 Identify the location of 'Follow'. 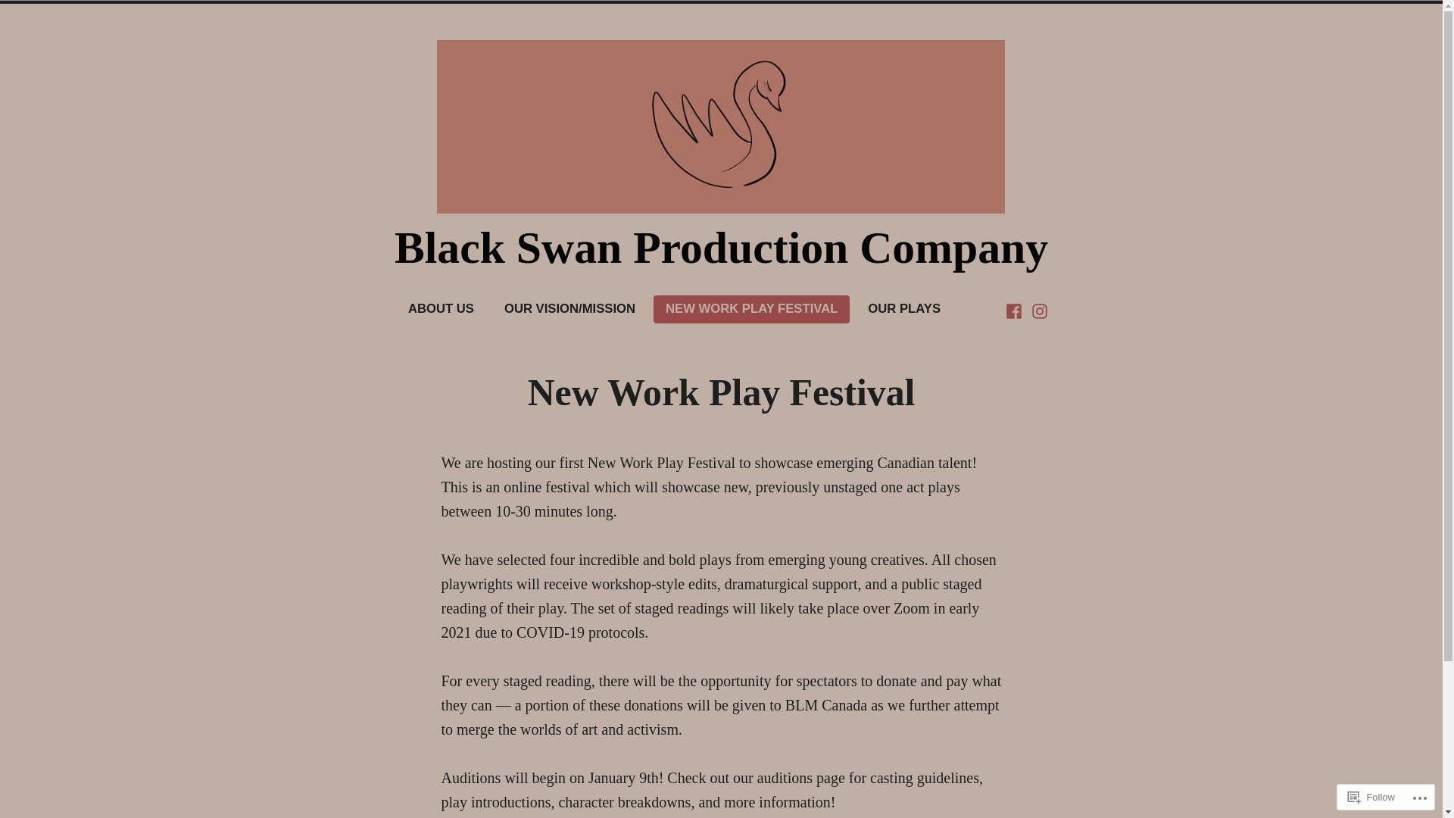
(1371, 796).